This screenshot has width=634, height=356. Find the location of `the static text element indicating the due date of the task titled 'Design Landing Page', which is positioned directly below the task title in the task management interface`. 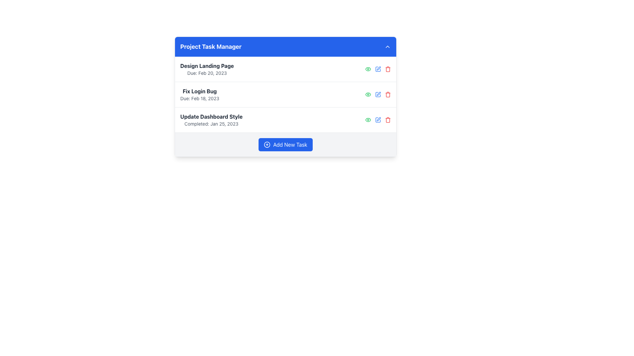

the static text element indicating the due date of the task titled 'Design Landing Page', which is positioned directly below the task title in the task management interface is located at coordinates (207, 73).